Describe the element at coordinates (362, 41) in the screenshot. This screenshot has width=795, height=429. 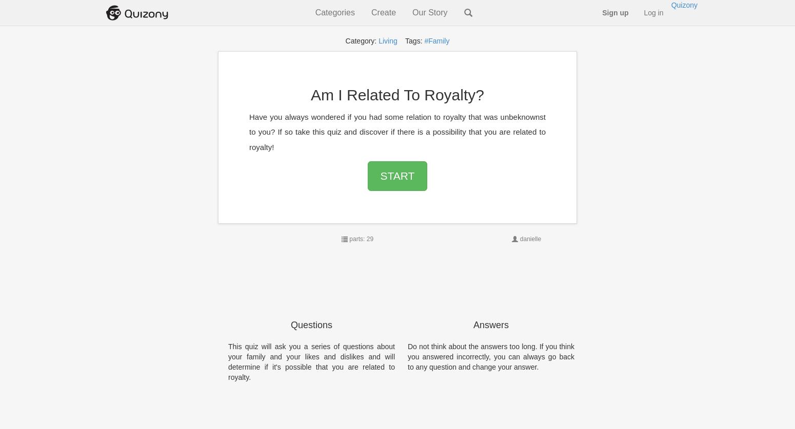
I see `'Category:'` at that location.